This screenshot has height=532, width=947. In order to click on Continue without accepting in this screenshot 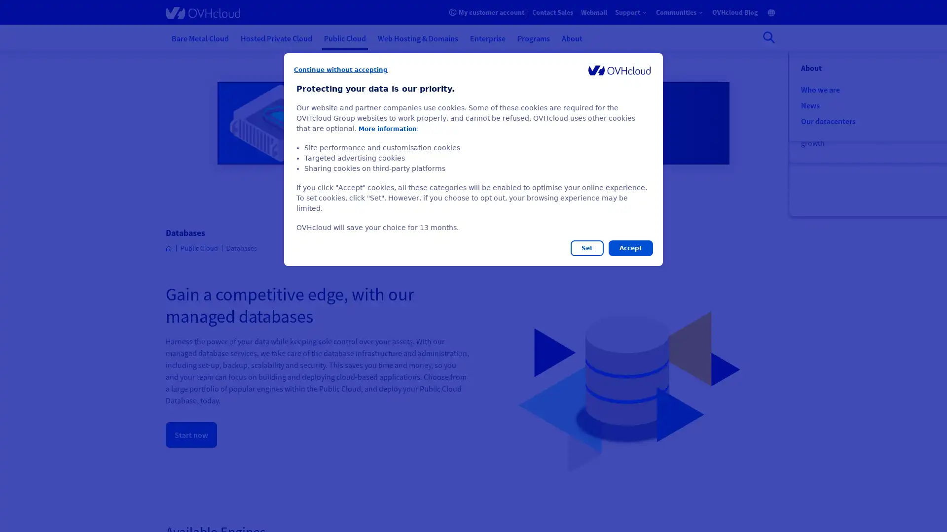, I will do `click(341, 69)`.